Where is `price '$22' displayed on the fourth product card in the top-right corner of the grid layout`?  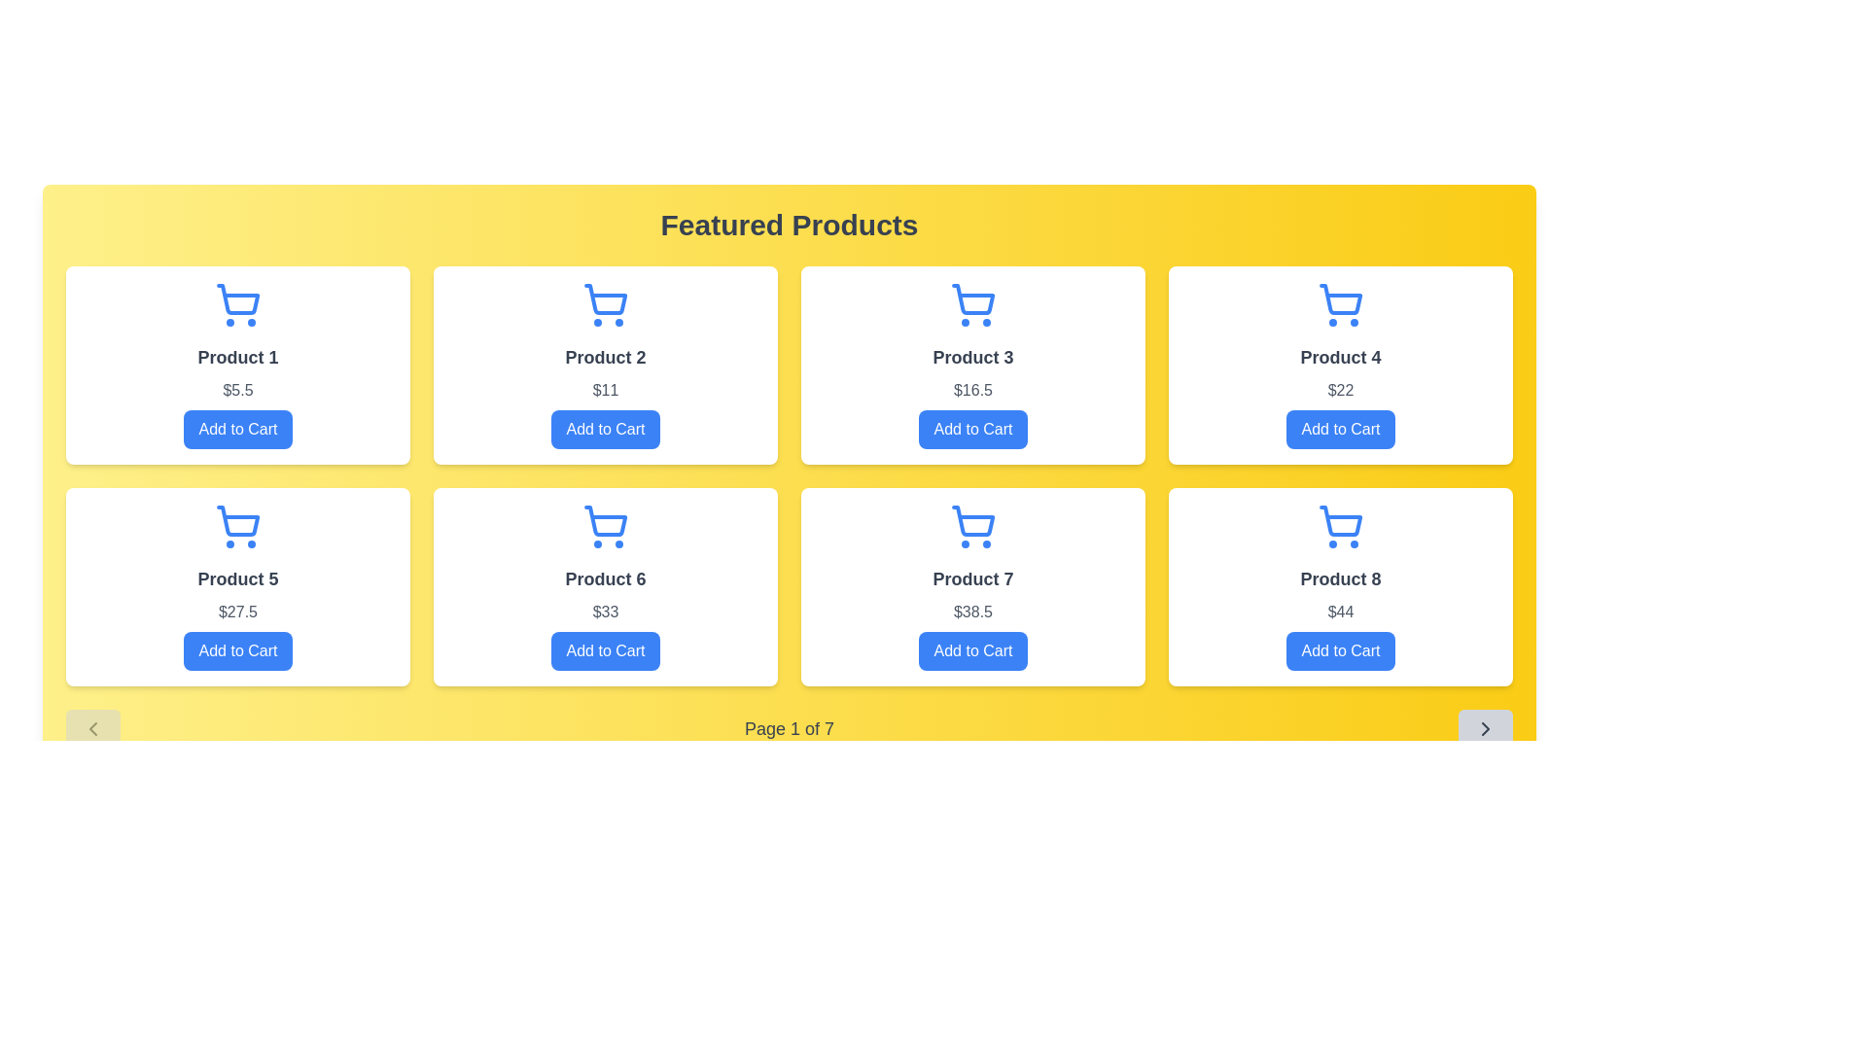
price '$22' displayed on the fourth product card in the top-right corner of the grid layout is located at coordinates (1339, 365).